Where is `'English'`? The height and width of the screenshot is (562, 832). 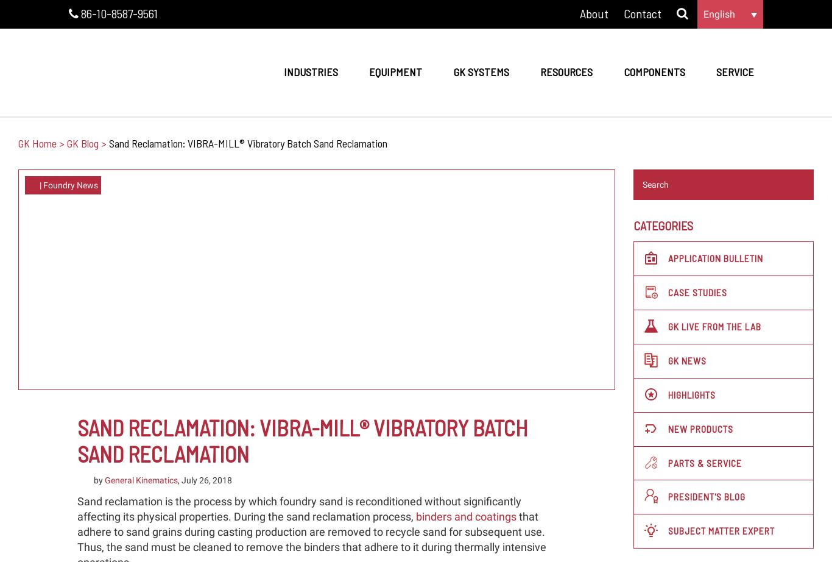 'English' is located at coordinates (719, 13).